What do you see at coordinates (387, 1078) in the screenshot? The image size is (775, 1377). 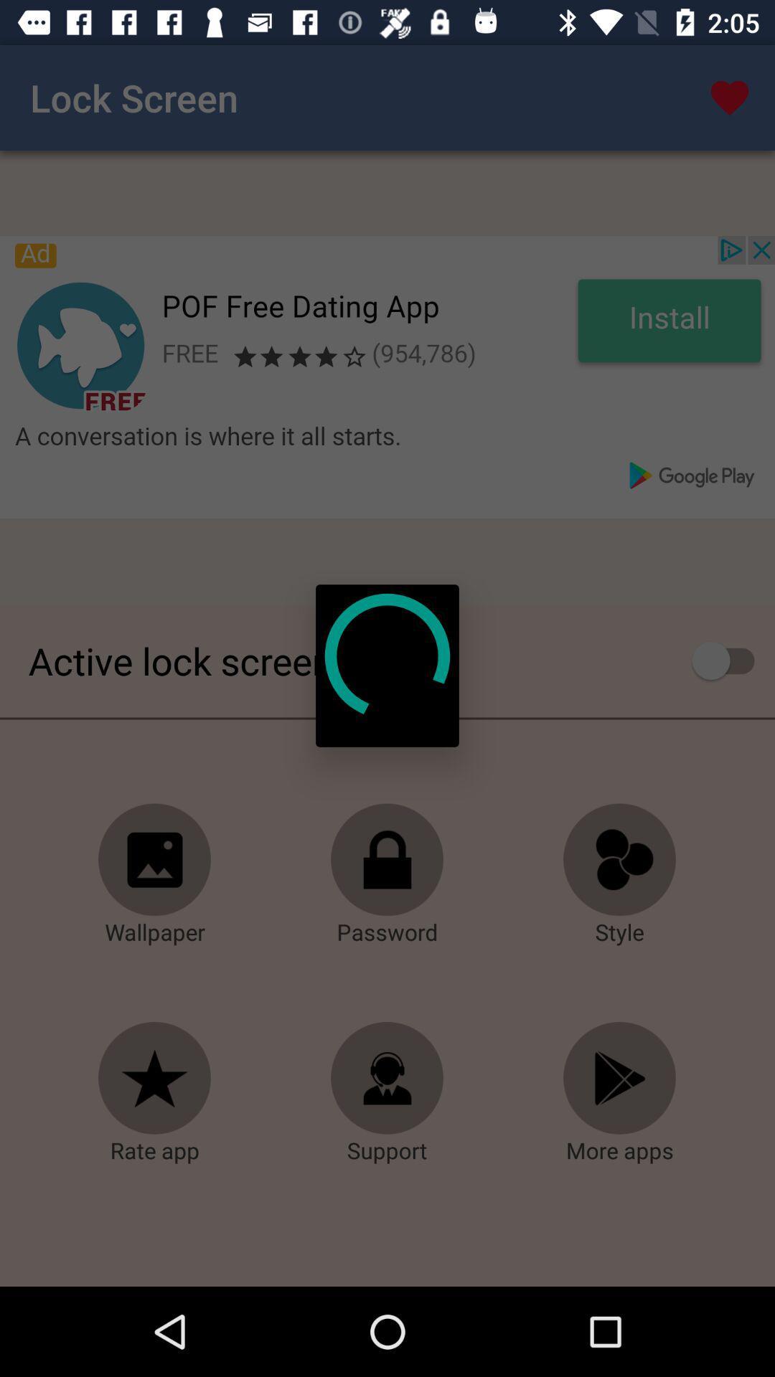 I see `contact` at bounding box center [387, 1078].